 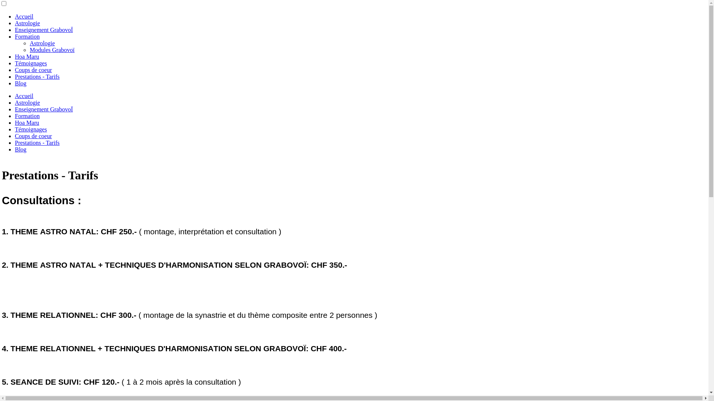 I want to click on 'Prestations - Tarifs', so click(x=37, y=143).